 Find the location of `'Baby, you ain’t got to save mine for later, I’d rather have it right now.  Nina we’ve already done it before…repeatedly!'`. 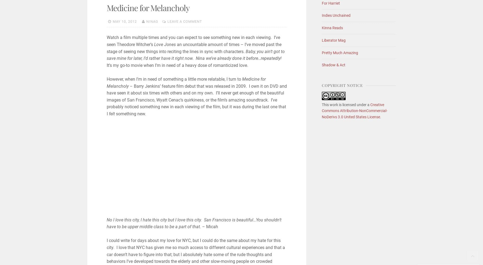

'Baby, you ain’t got to save mine for later, I’d rather have it right now.  Nina we’ve already done it before…repeatedly!' is located at coordinates (195, 55).